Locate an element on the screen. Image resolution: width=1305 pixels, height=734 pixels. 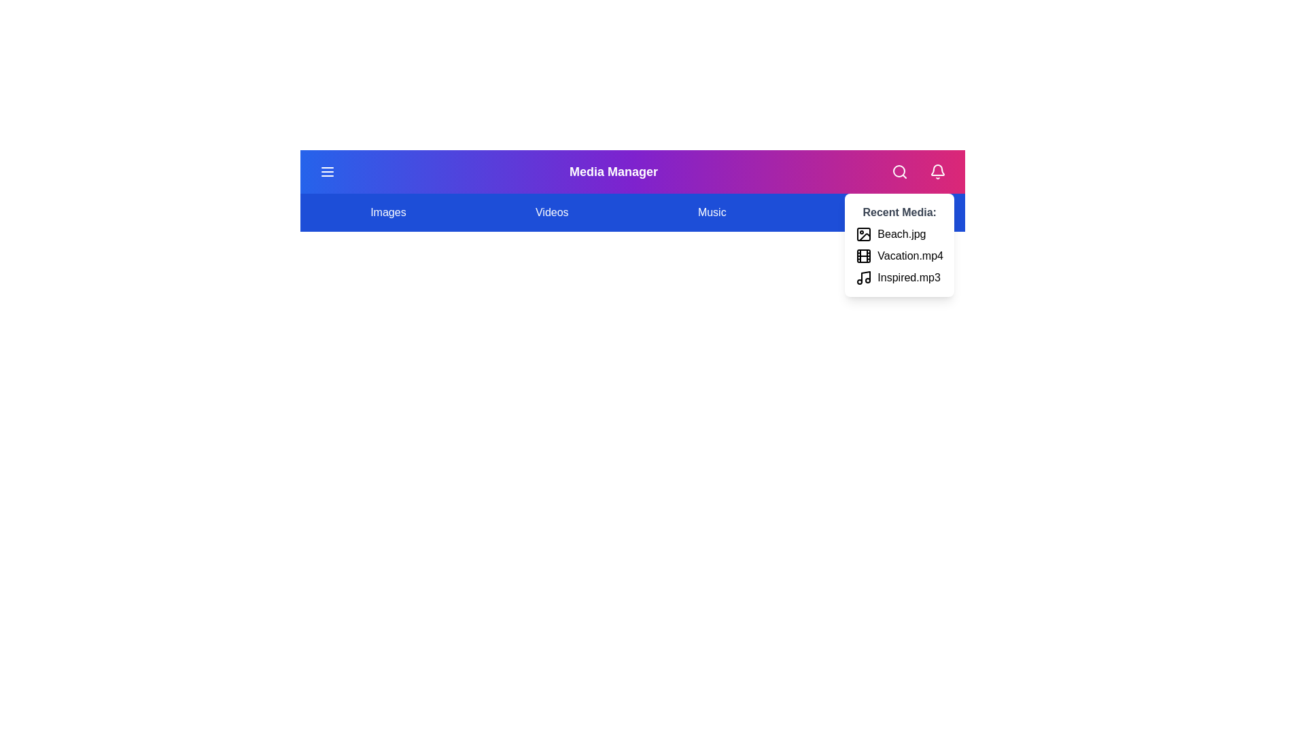
the media item Vacation.mp4 from the recent media list is located at coordinates (863, 256).